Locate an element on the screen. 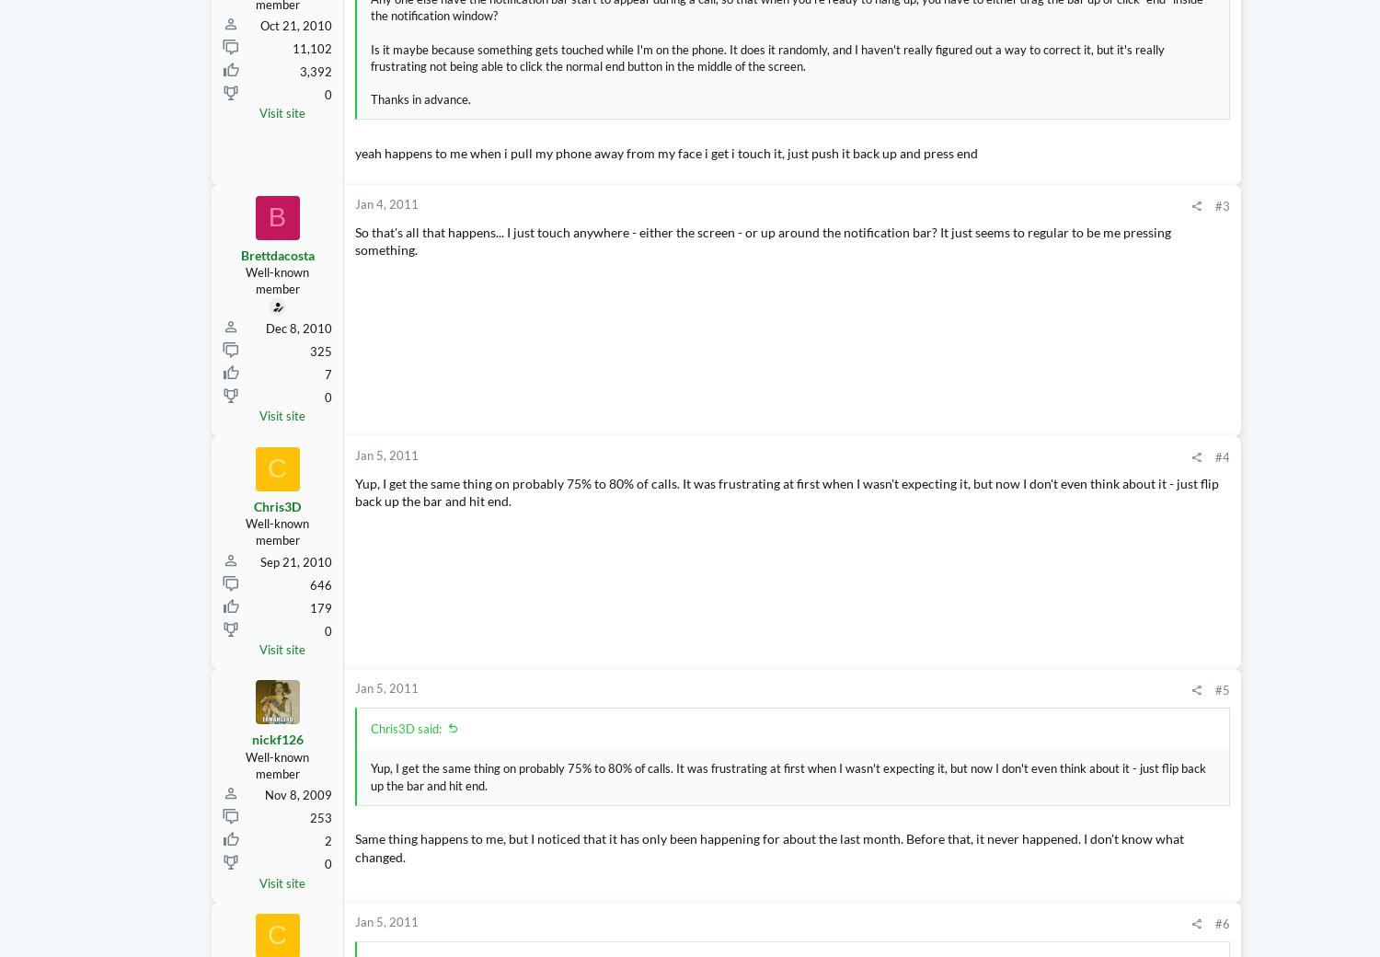 This screenshot has width=1380, height=957. 'Every other day reminder software' is located at coordinates (1217, 413).